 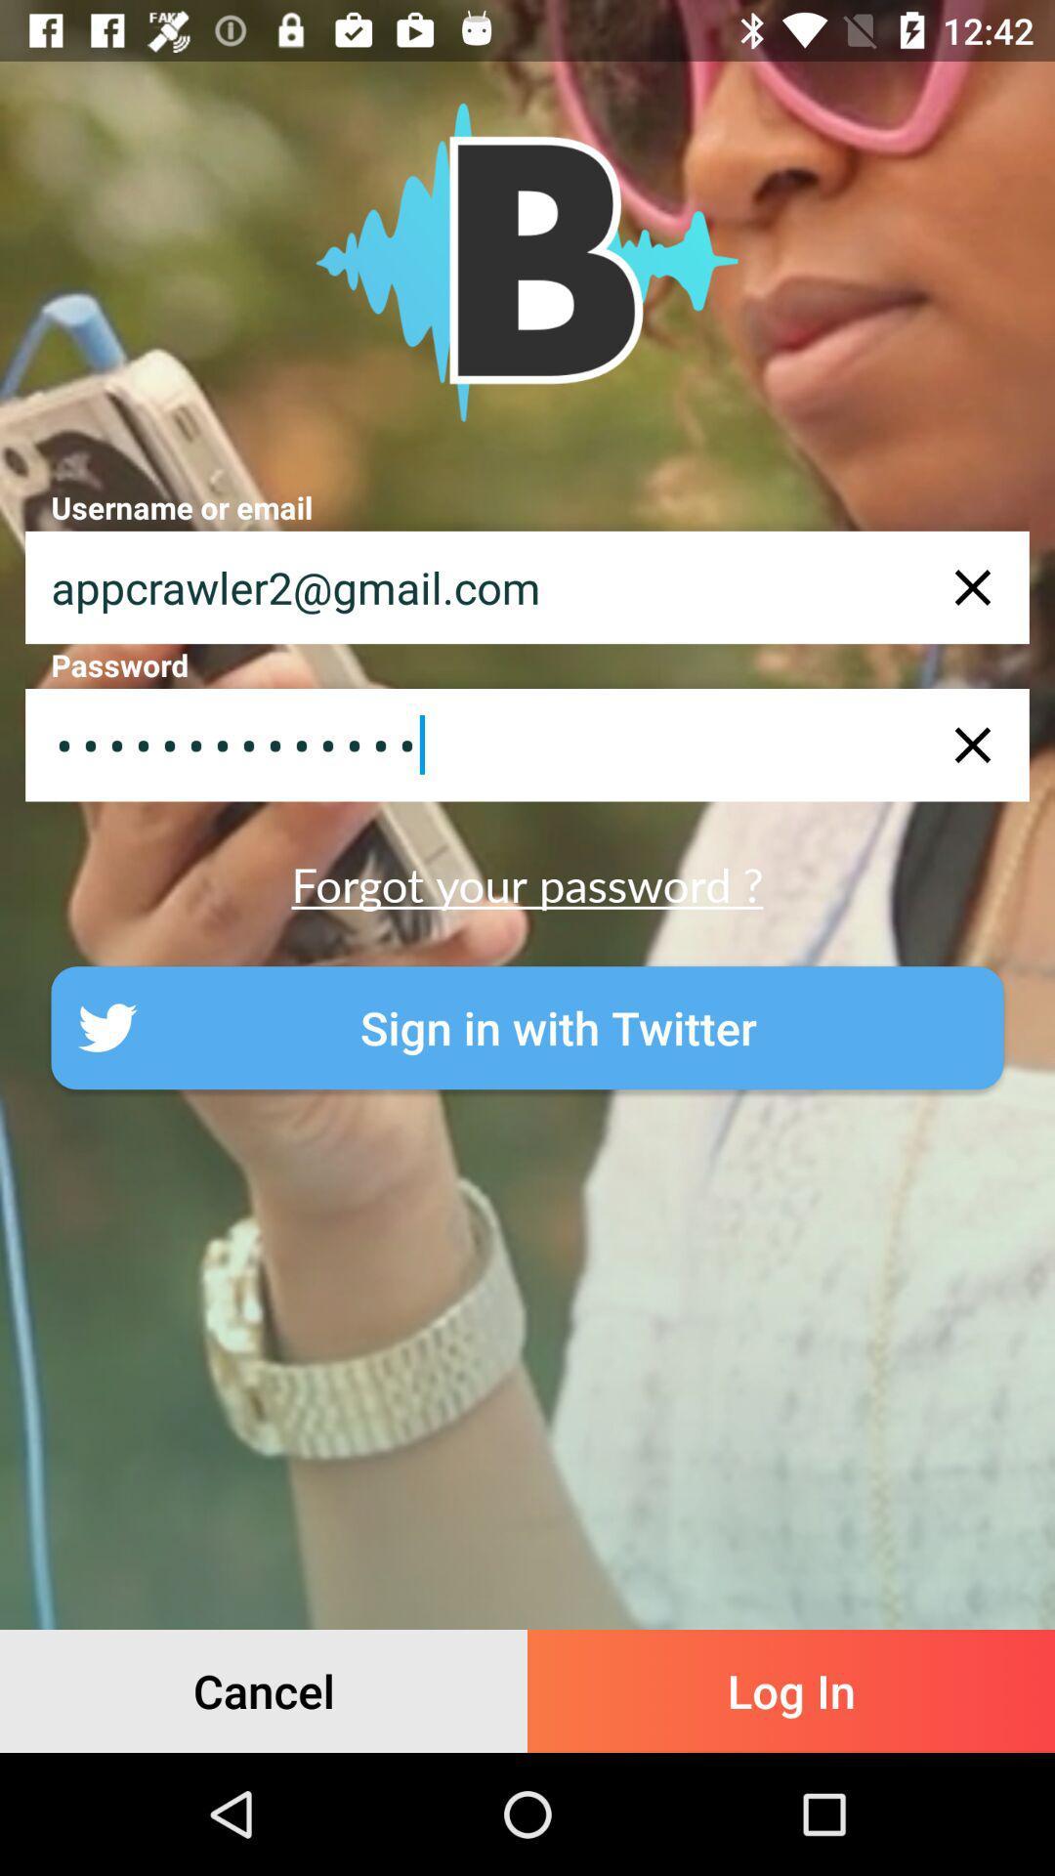 I want to click on the item above cancel, so click(x=527, y=1027).